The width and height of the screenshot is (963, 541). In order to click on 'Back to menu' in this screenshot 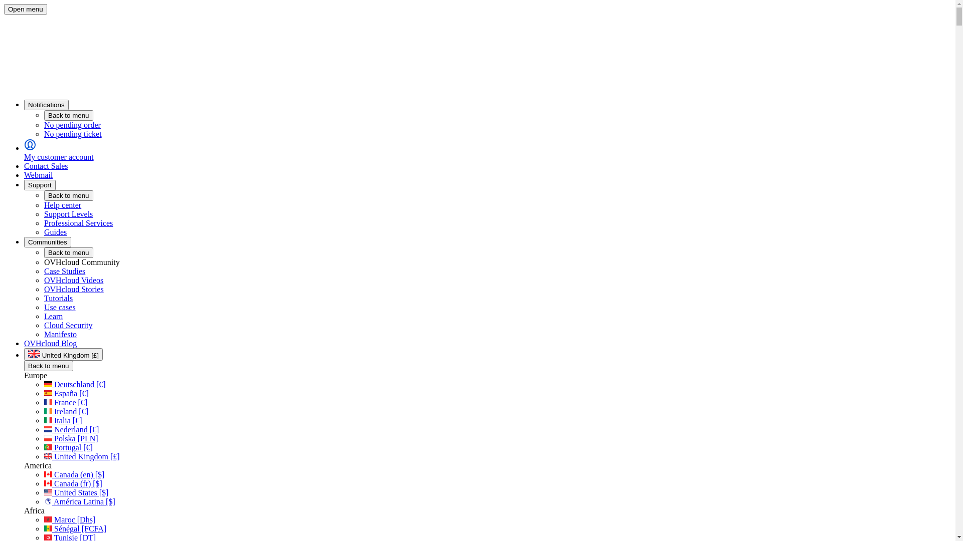, I will do `click(68, 195)`.